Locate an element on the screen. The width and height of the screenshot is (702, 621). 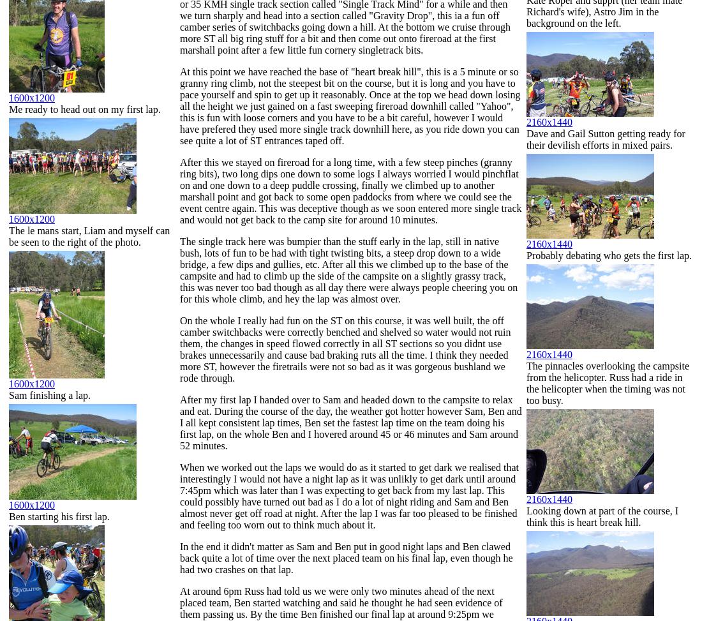
'At this point we have reached the base of "heart break hill", this is a 5
minute or so granny ring climb, not the steepest bit on the course, but it is
long and you have to pace yourself and spin to get up it reasonably. Once at
the top we head down losing all the height we just gained on a fast sweeping
fireroad downhill called "Yahoo", this is fun with loose corners and you have
to be a bit careful, however I would have prefered they used more single track
downhill here, as you ride down you can see quite a lot of ST entrances taped
off.' is located at coordinates (179, 106).